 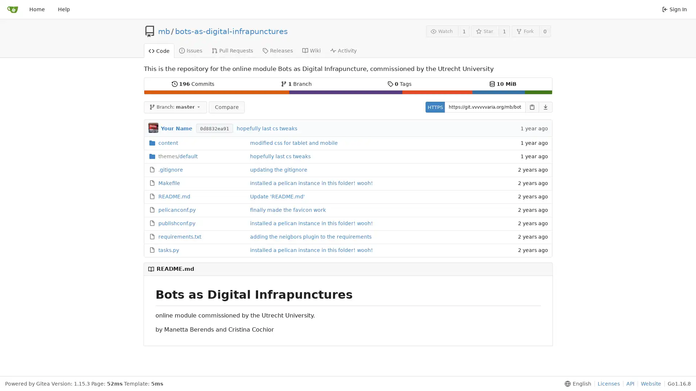 I want to click on Compare, so click(x=226, y=107).